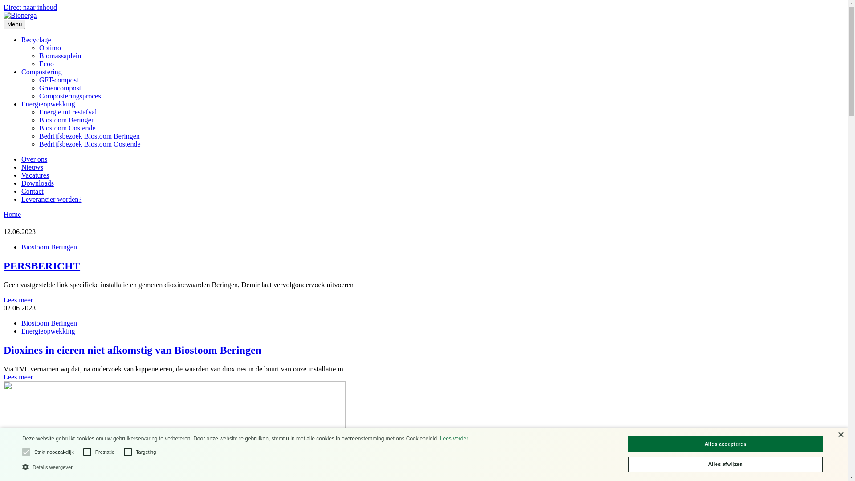 The height and width of the screenshot is (481, 855). I want to click on 'Recyclage', so click(36, 39).